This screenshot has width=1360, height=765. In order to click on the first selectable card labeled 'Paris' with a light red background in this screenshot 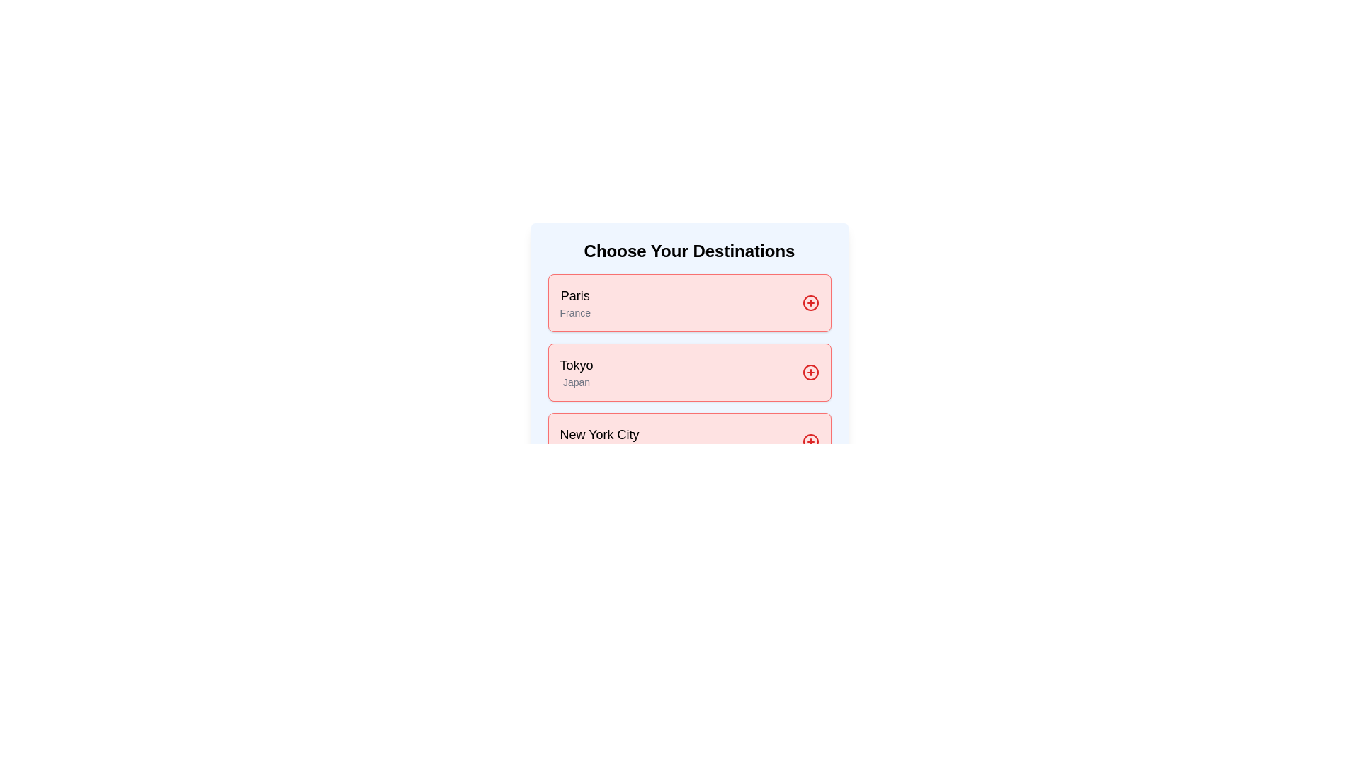, I will do `click(689, 302)`.